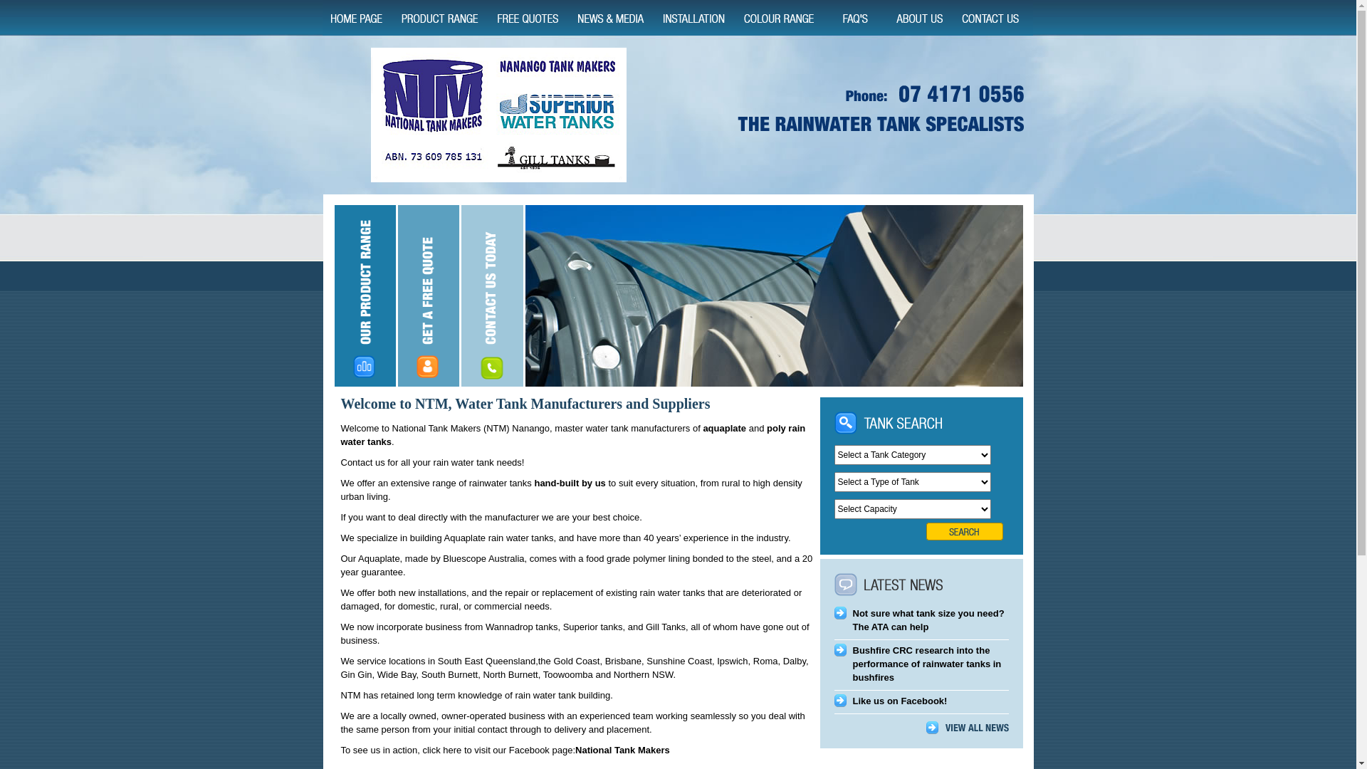 The height and width of the screenshot is (769, 1367). Describe the element at coordinates (899, 700) in the screenshot. I see `'Like us on Facebook!'` at that location.